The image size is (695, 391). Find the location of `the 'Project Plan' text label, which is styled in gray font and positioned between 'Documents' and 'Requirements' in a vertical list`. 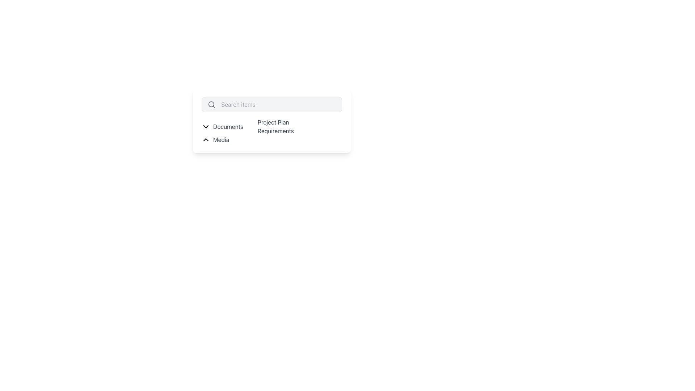

the 'Project Plan' text label, which is styled in gray font and positioned between 'Documents' and 'Requirements' in a vertical list is located at coordinates (273, 122).